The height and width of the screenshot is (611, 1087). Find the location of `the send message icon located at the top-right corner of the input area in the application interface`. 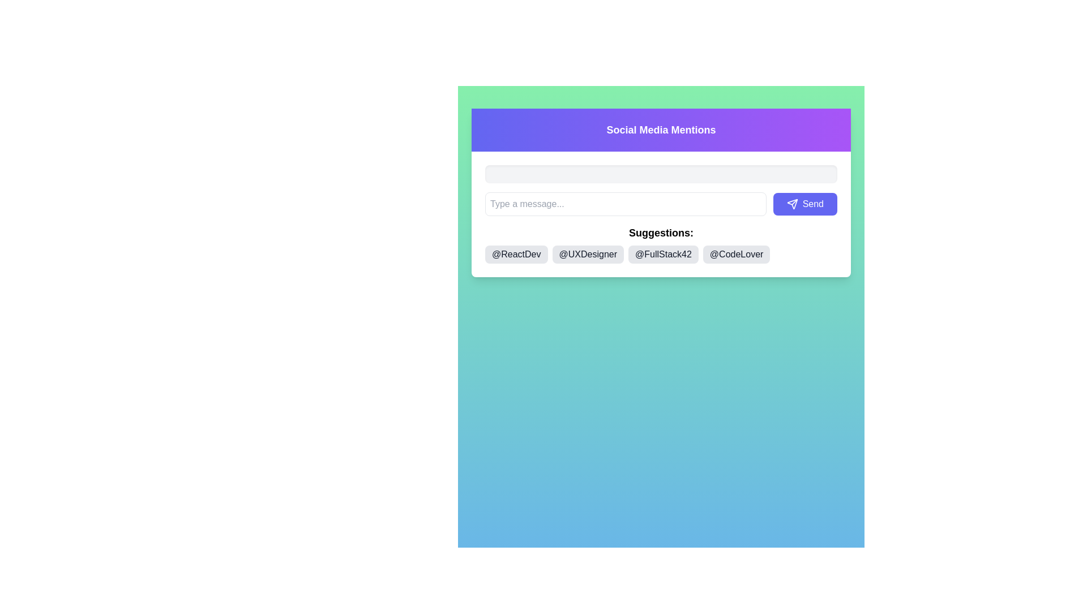

the send message icon located at the top-right corner of the input area in the application interface is located at coordinates (791, 204).